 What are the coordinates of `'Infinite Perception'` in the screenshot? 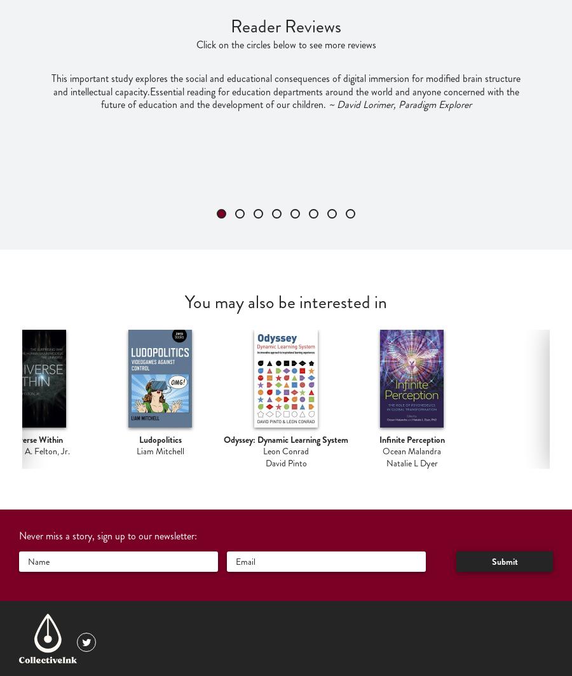 It's located at (411, 440).